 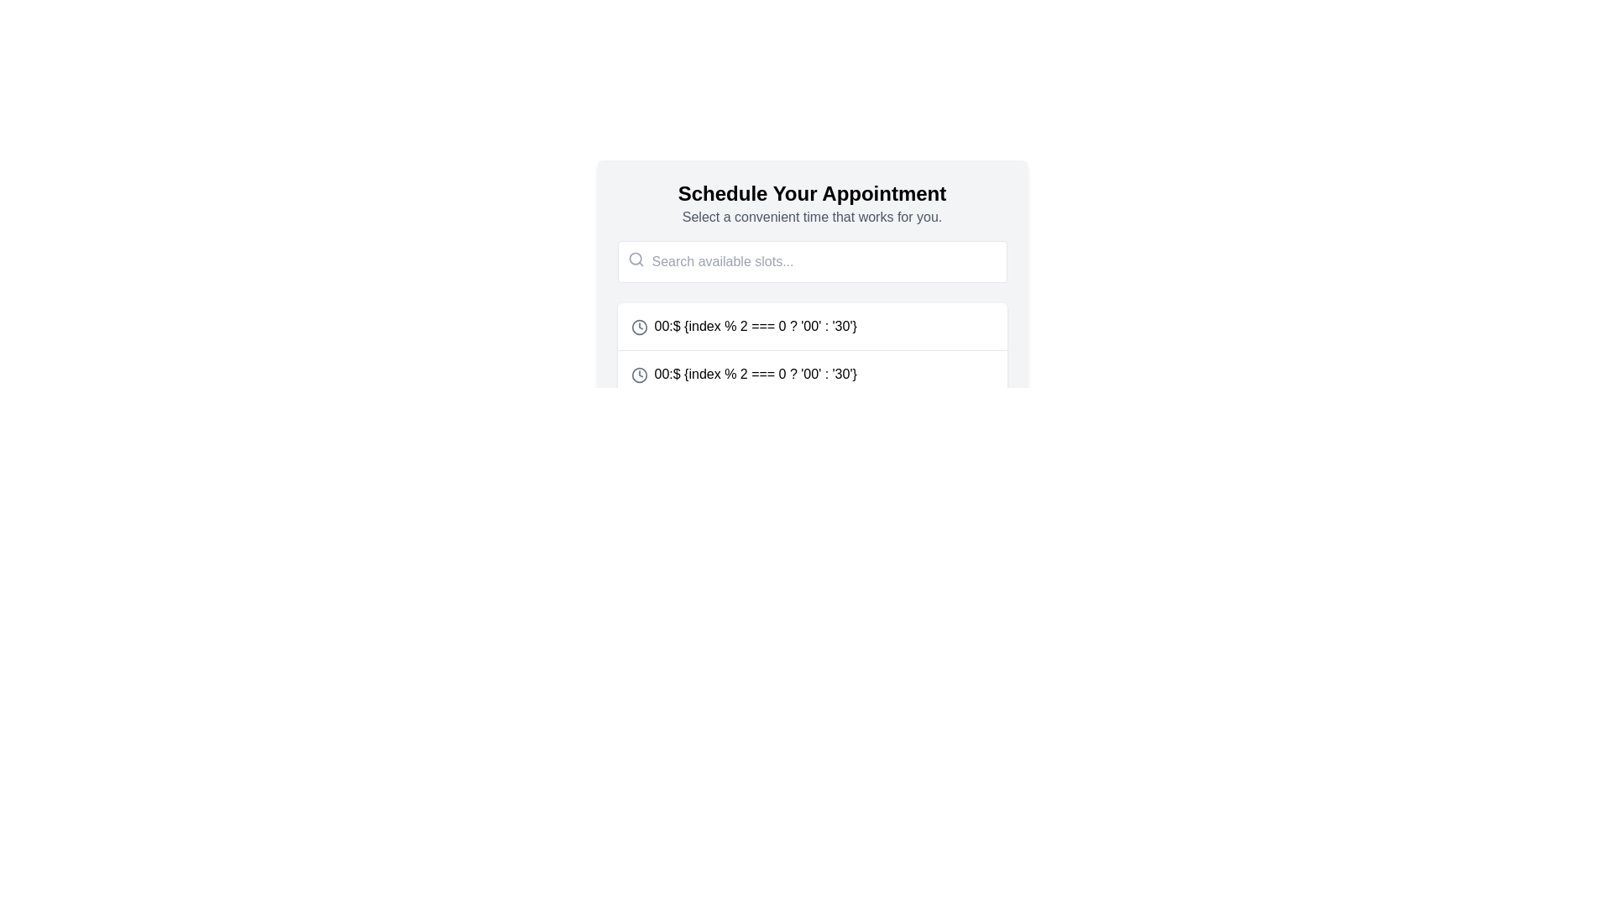 I want to click on the search icon located at the left margin of the search input field, beneath the 'Schedule Your Appointment' header, so click(x=635, y=259).